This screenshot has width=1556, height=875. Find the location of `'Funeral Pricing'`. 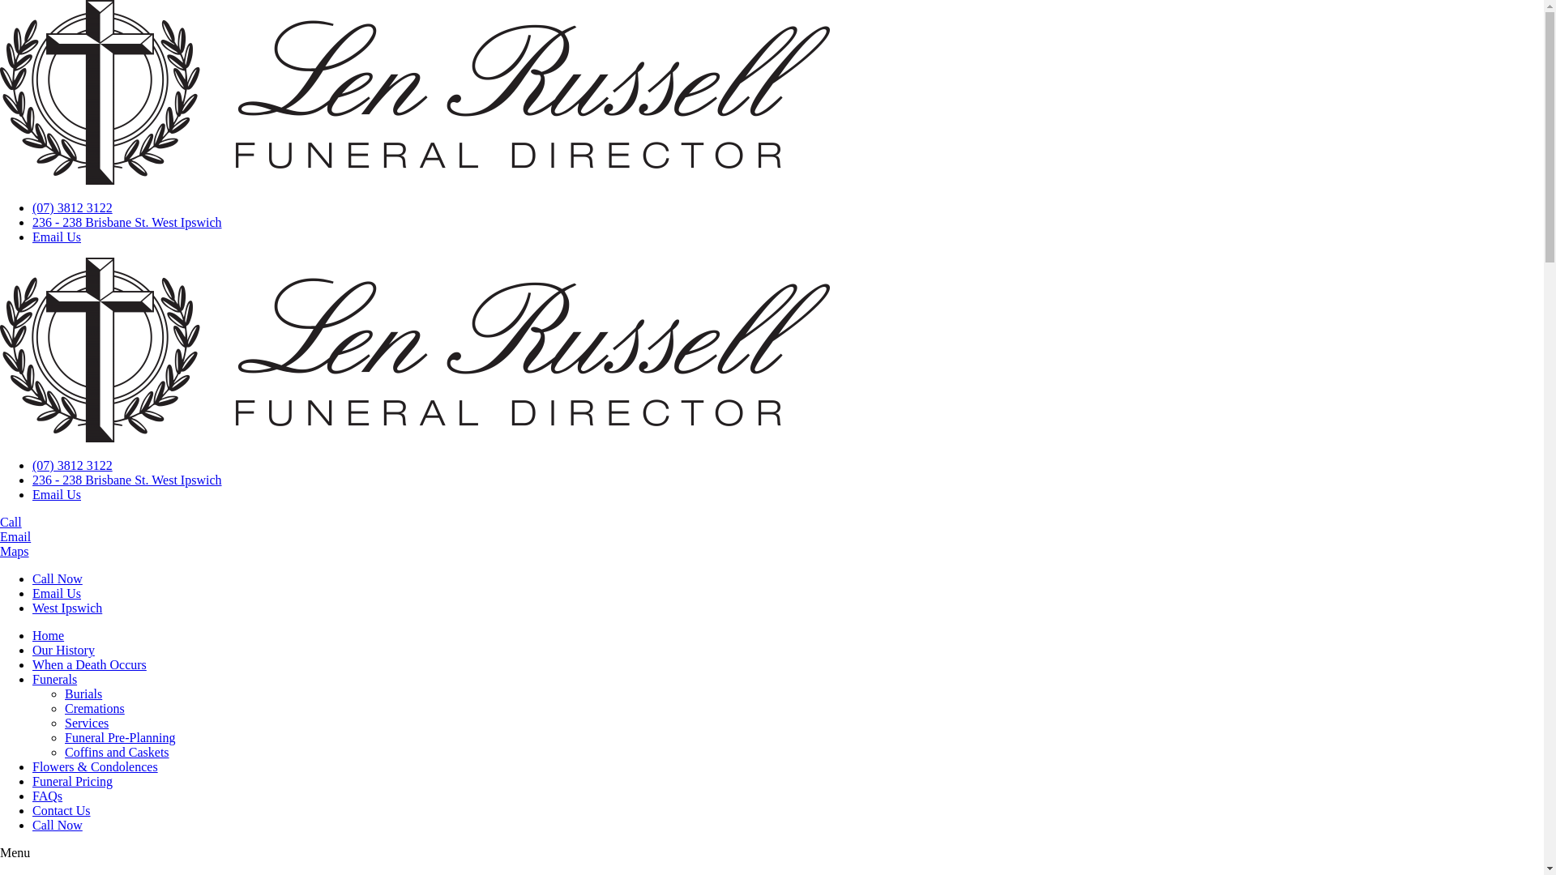

'Funeral Pricing' is located at coordinates (71, 780).